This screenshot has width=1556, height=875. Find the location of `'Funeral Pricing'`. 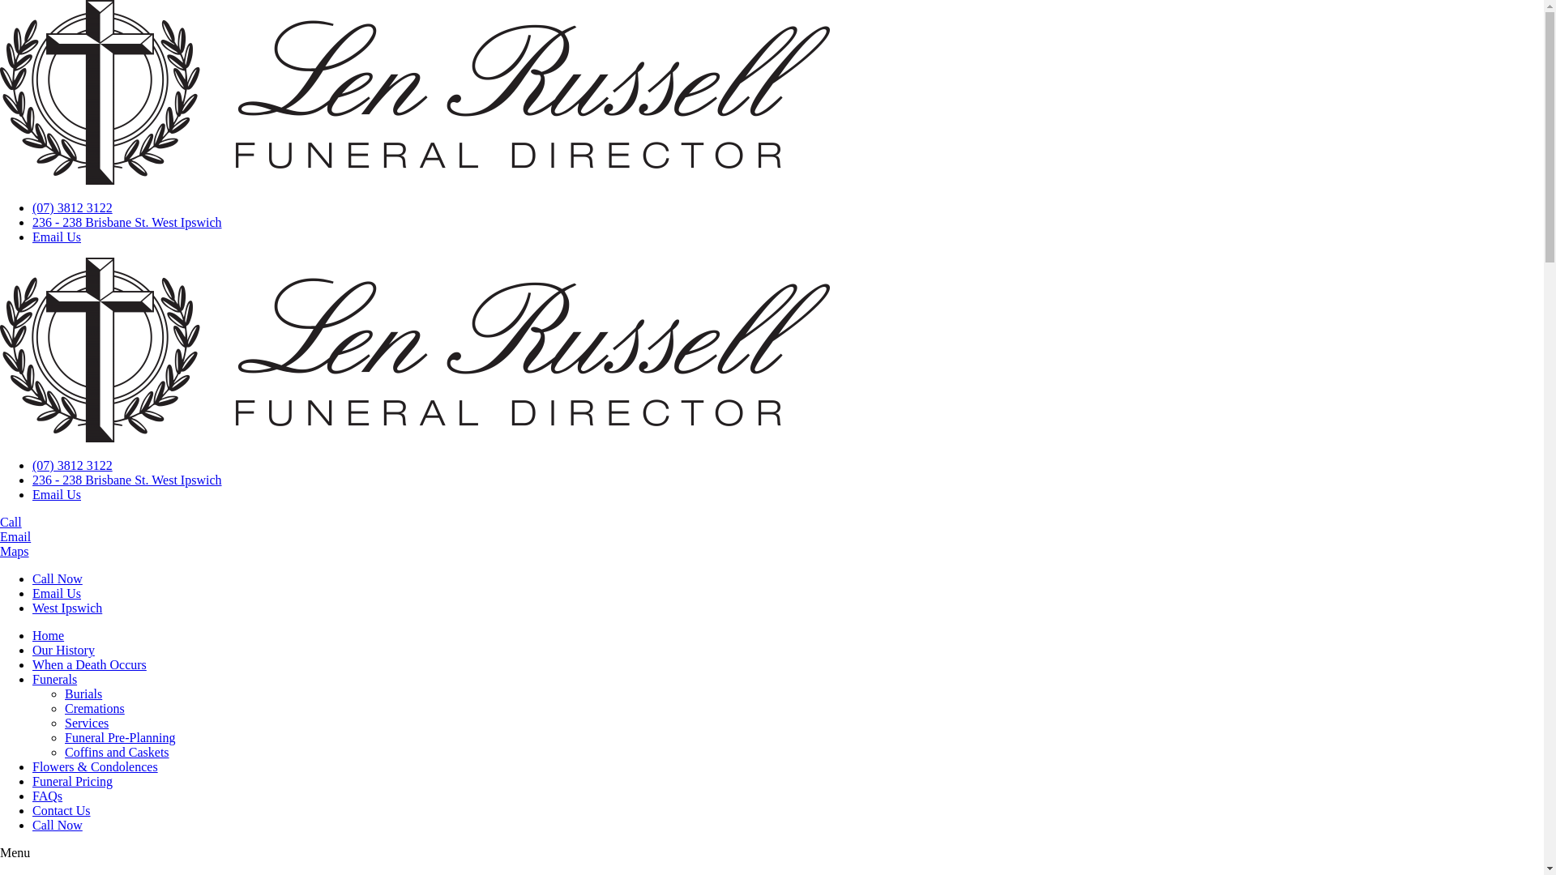

'Funeral Pricing' is located at coordinates (71, 780).